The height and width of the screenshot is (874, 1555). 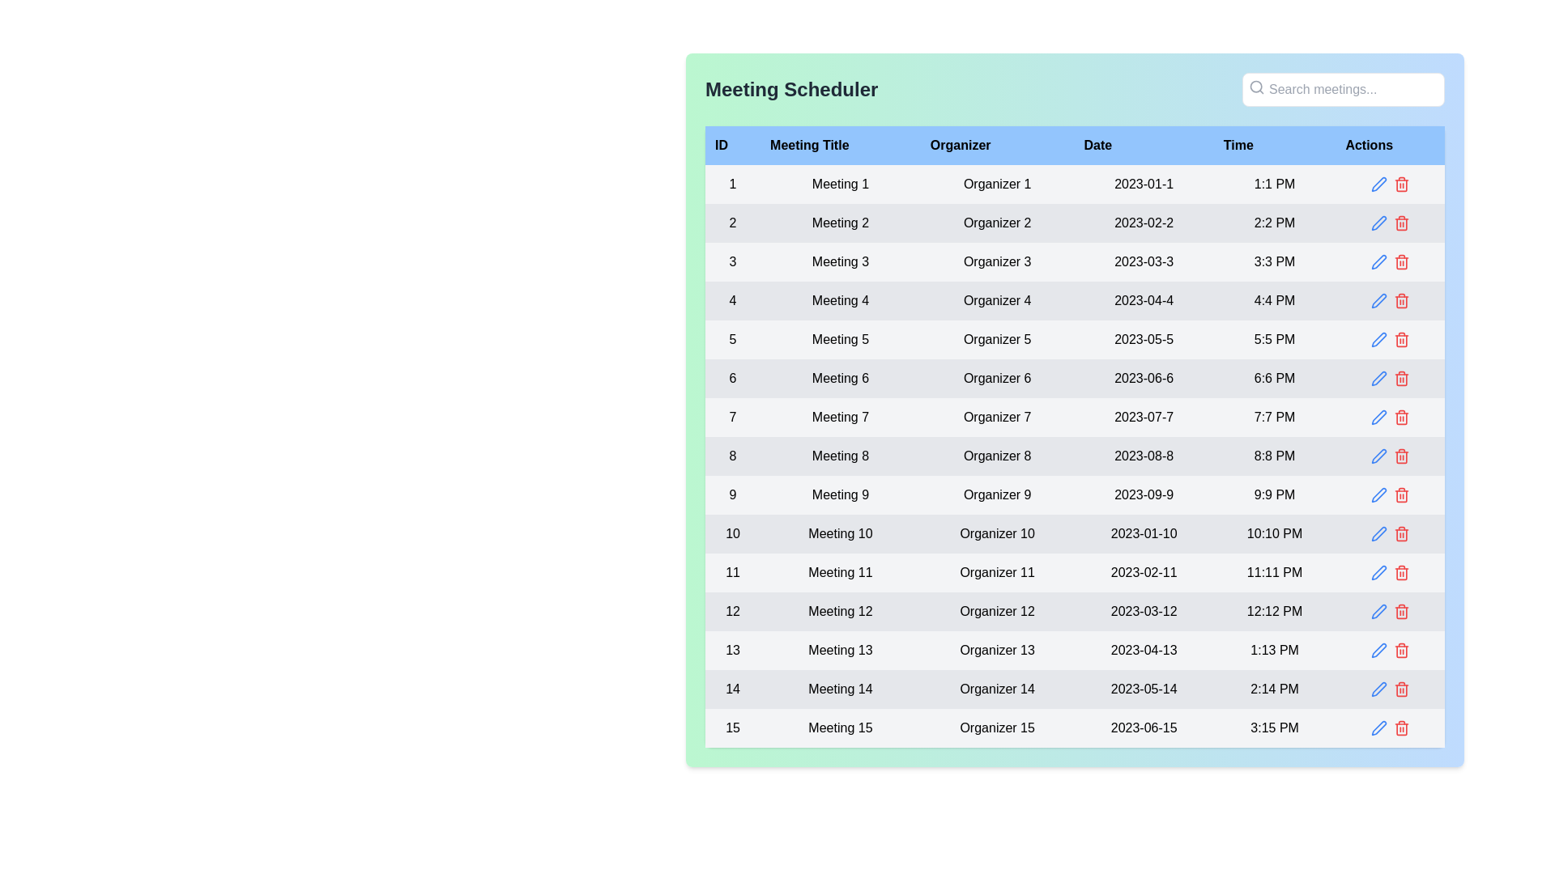 What do you see at coordinates (1274, 572) in the screenshot?
I see `the text label displaying '11:11 PM' within the gray tabular row, which is associated with 'Meeting 11' on '2023-02-11'` at bounding box center [1274, 572].